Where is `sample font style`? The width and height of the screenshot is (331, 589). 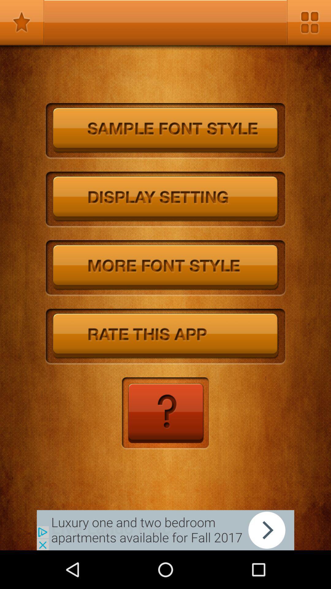
sample font style is located at coordinates (165, 131).